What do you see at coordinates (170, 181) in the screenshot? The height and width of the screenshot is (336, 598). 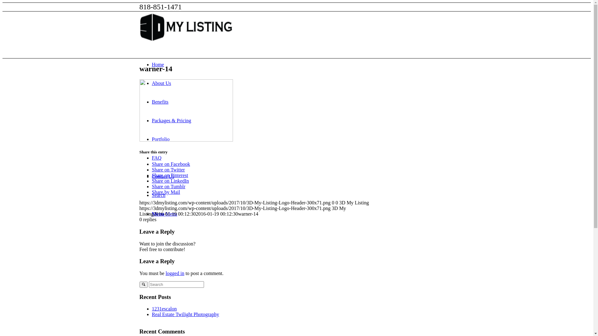 I see `'Share on LinkedIn'` at bounding box center [170, 181].